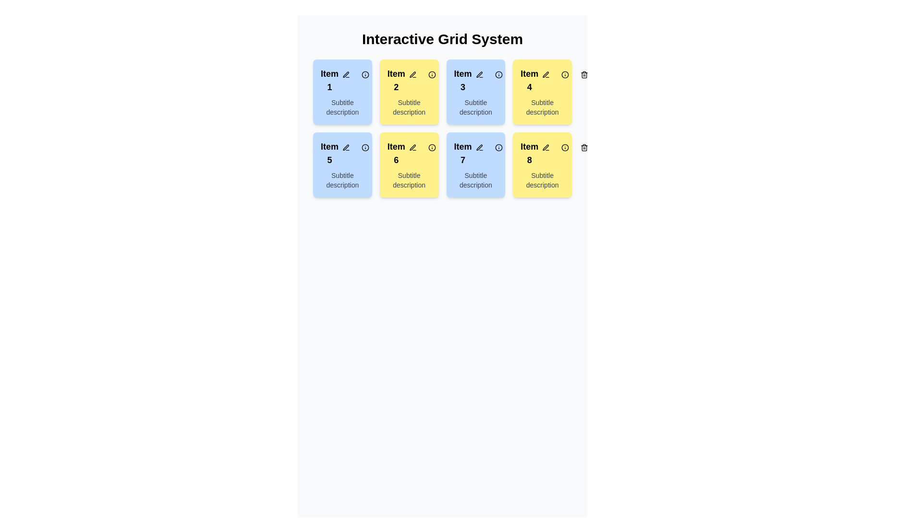  What do you see at coordinates (329, 80) in the screenshot?
I see `the static text label element displaying 'Item 1', which is located at the top-left corner of the interactive grid layout` at bounding box center [329, 80].